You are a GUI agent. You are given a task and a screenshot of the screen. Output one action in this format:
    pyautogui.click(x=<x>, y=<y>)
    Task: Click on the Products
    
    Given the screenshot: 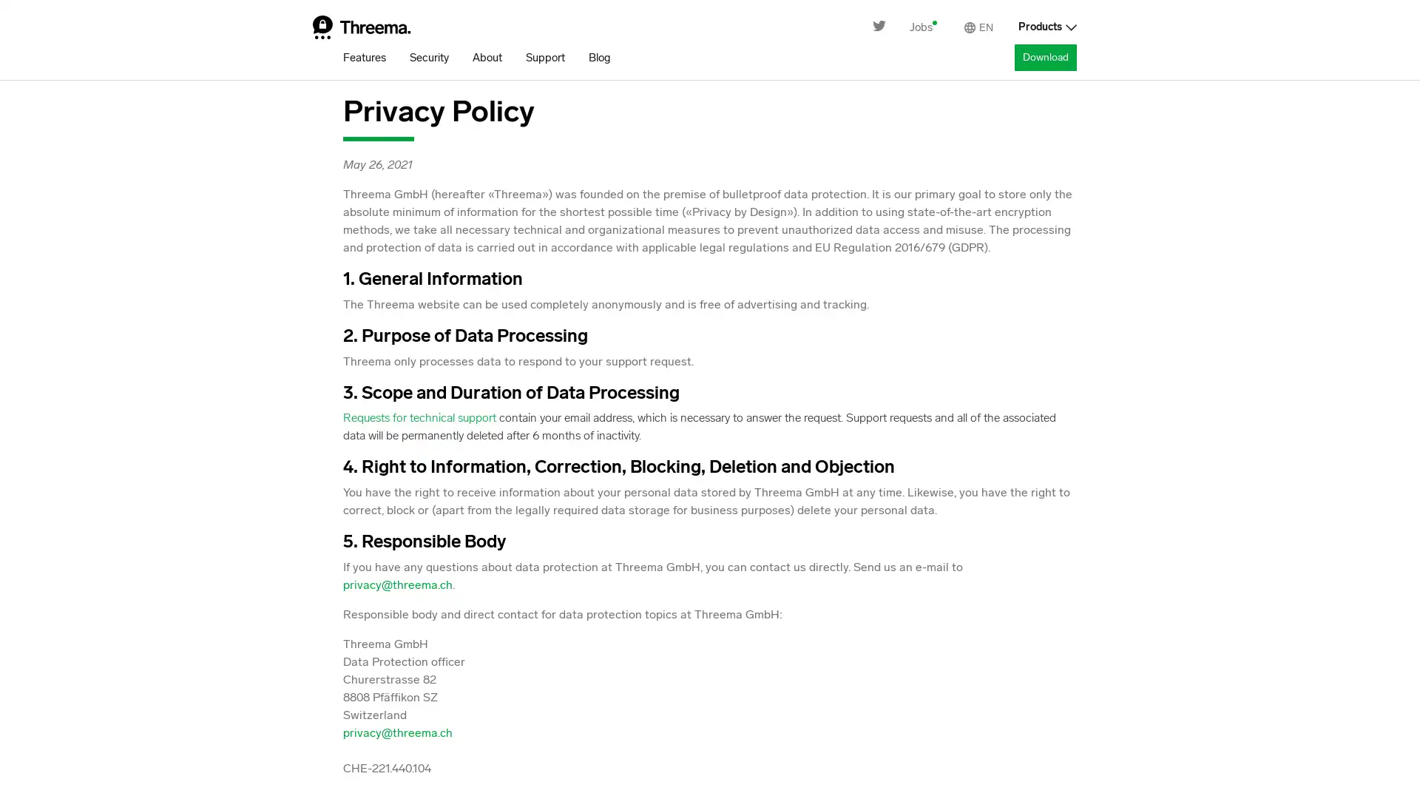 What is the action you would take?
    pyautogui.click(x=1043, y=27)
    